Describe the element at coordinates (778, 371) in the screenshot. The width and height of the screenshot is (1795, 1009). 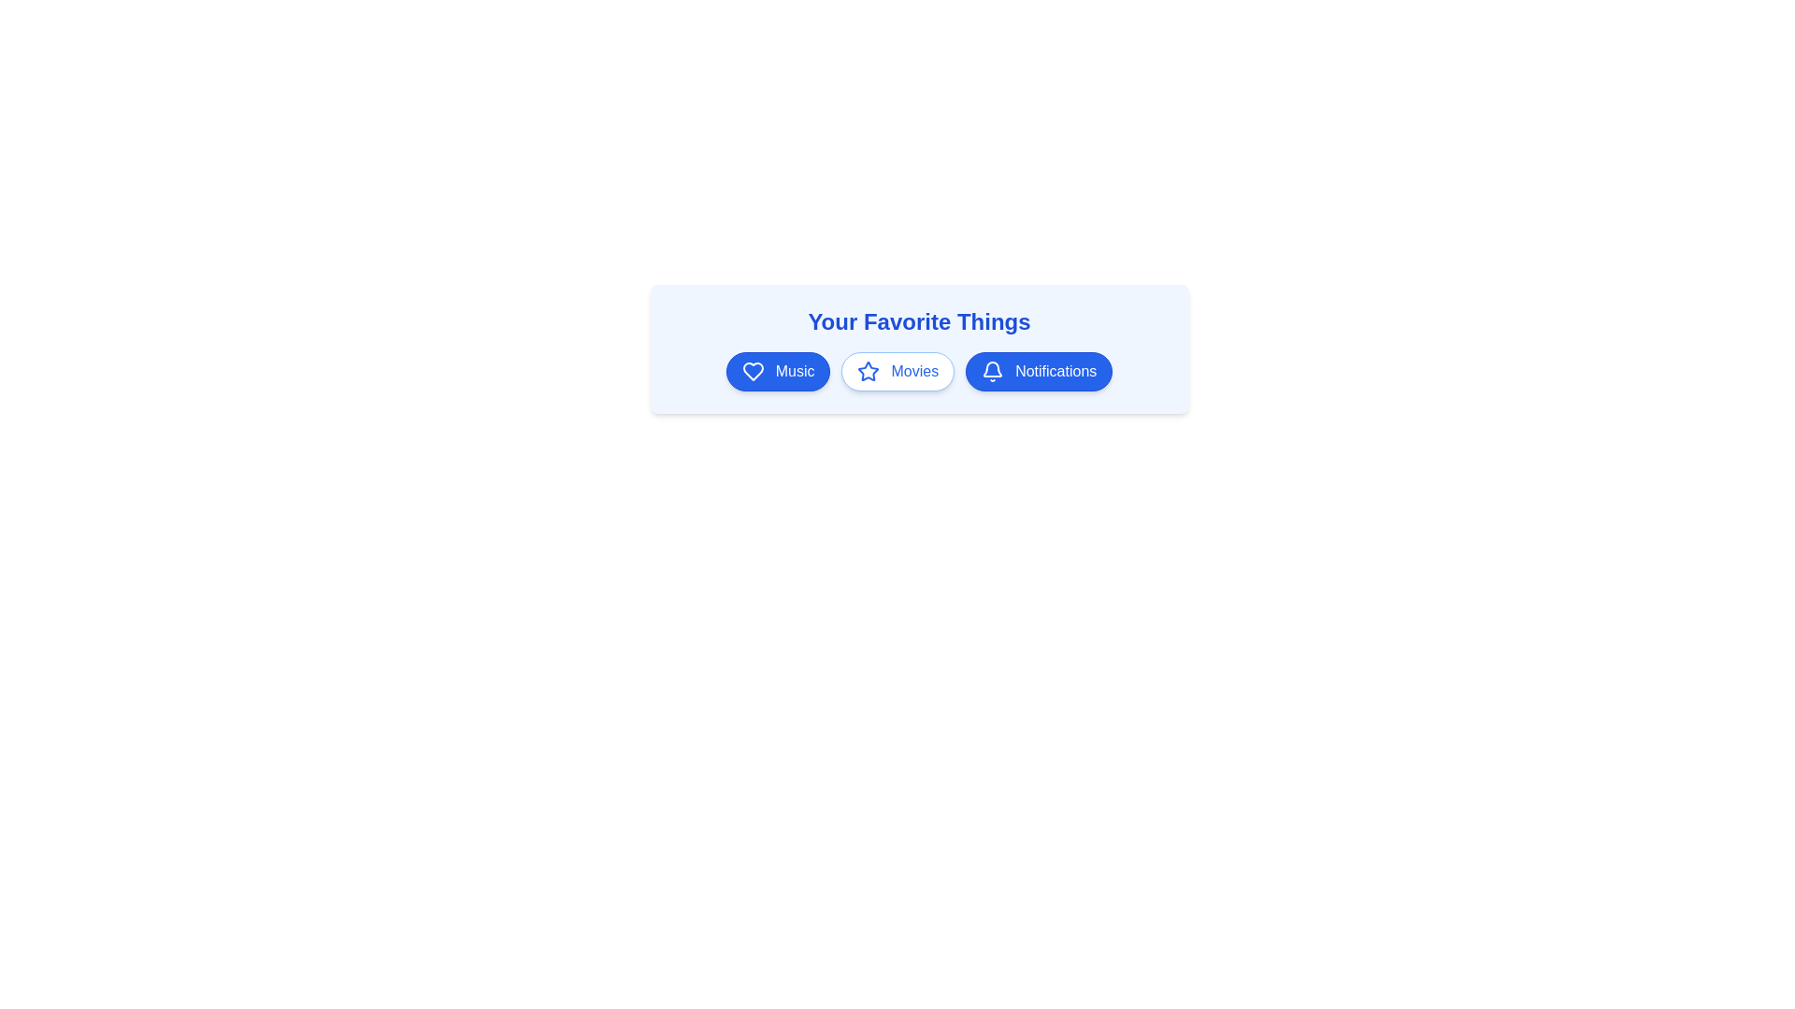
I see `the chip labeled Music to toggle its highlighted state` at that location.